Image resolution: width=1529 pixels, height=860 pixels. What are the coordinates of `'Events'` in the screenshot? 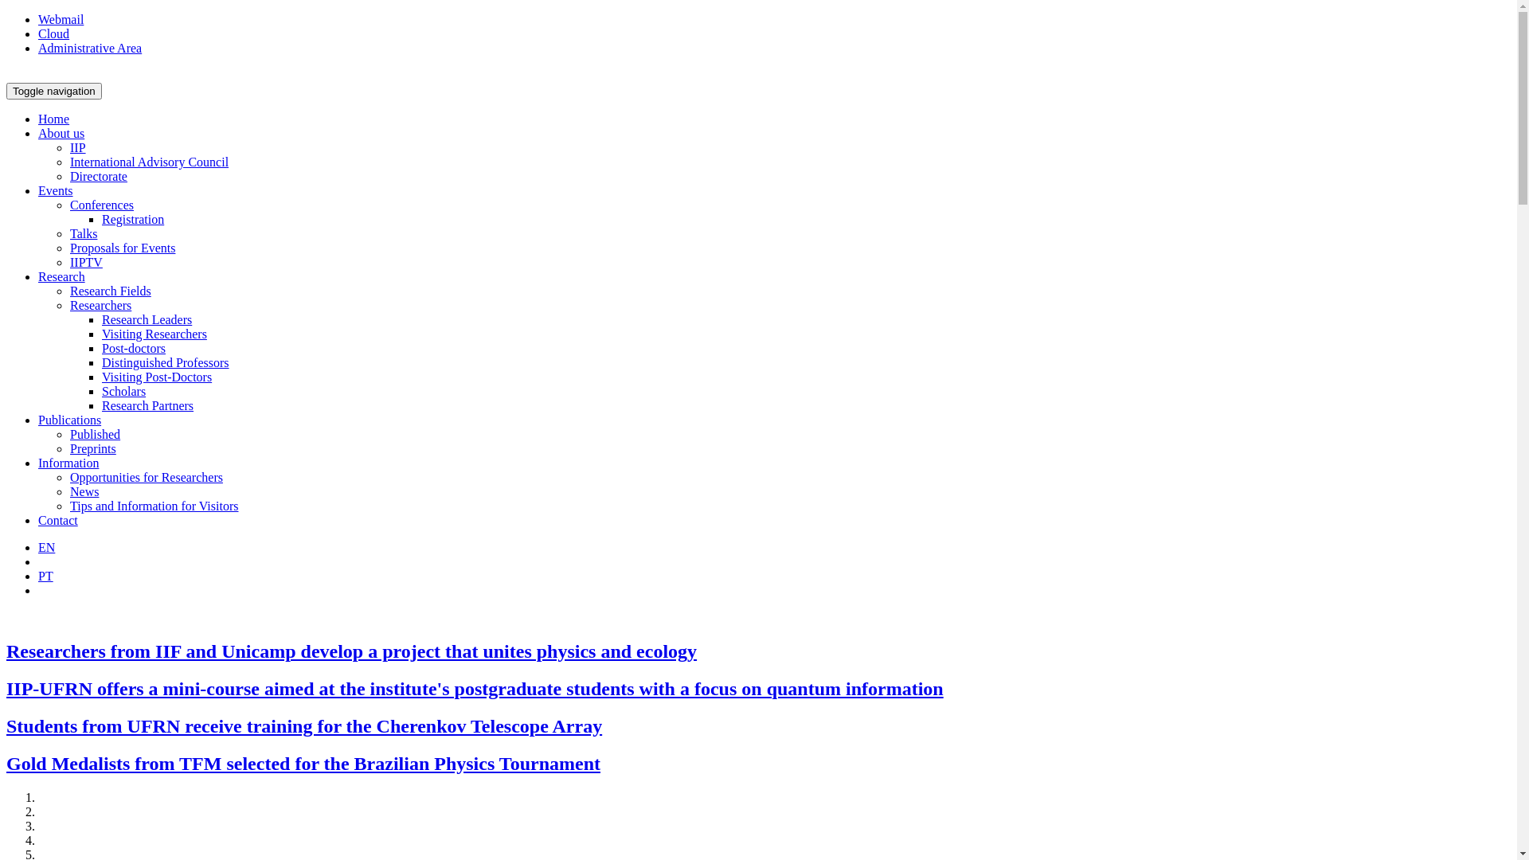 It's located at (56, 190).